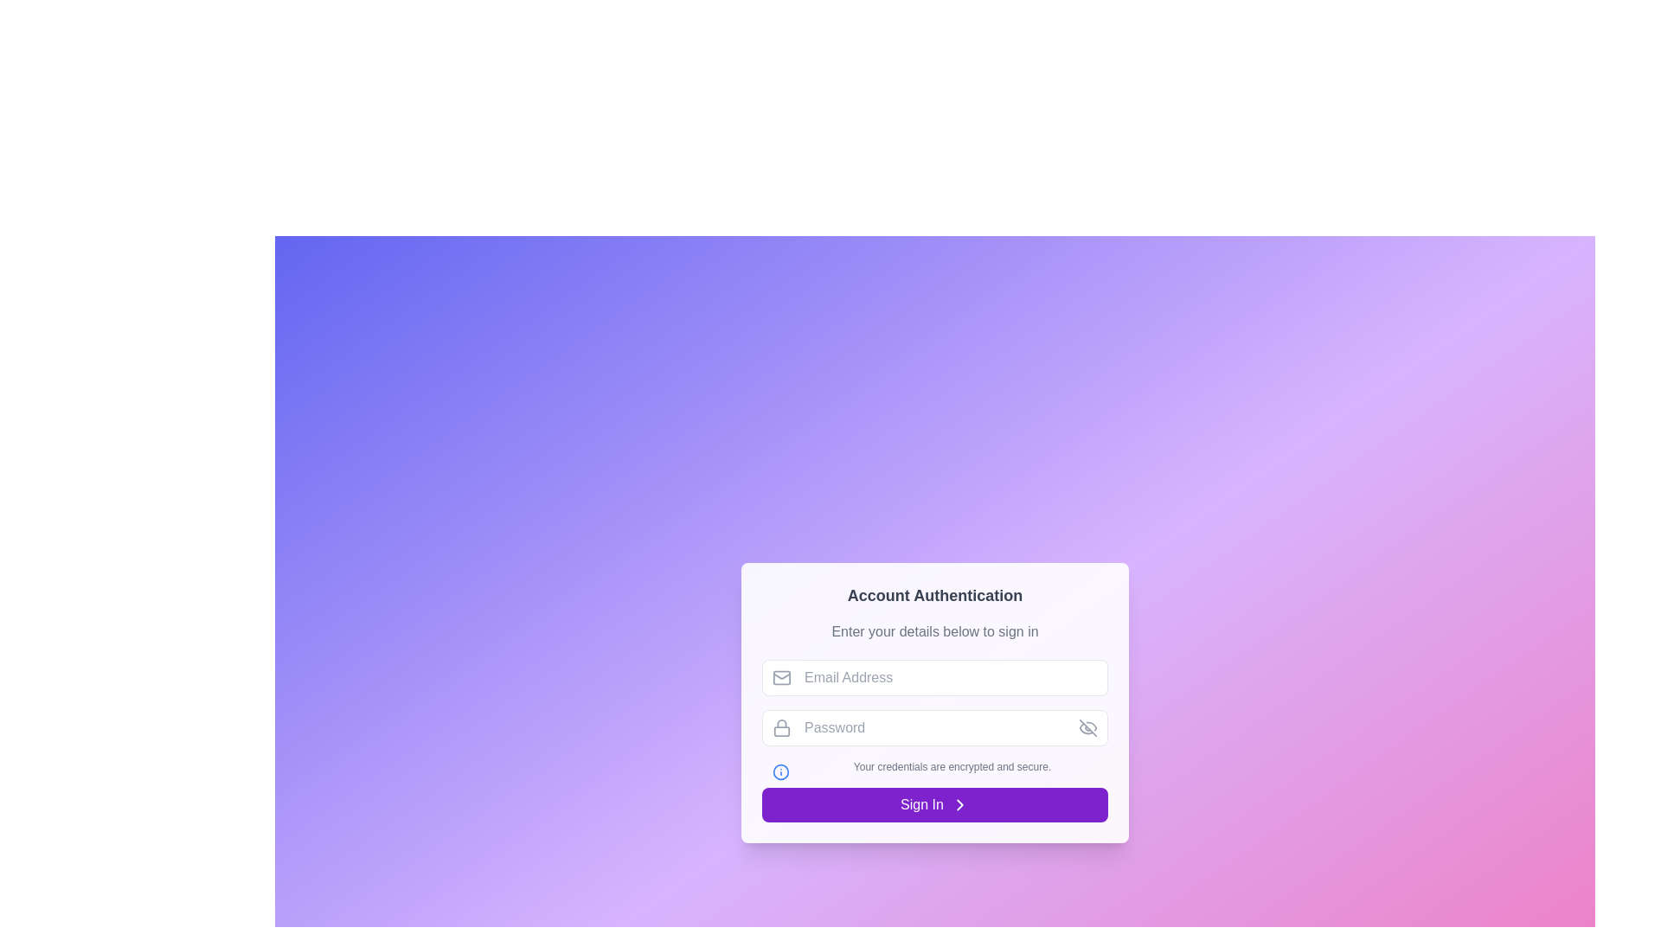 This screenshot has width=1661, height=934. What do you see at coordinates (1087, 727) in the screenshot?
I see `the password visibility toggle button located at the far right inside the password input field` at bounding box center [1087, 727].